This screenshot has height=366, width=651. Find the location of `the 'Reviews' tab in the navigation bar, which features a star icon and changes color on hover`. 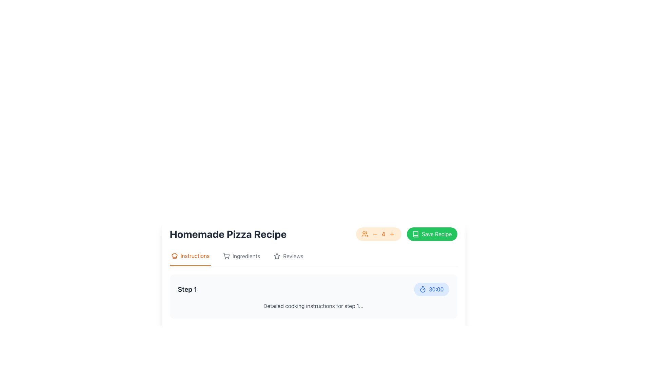

the 'Reviews' tab in the navigation bar, which features a star icon and changes color on hover is located at coordinates (288, 259).